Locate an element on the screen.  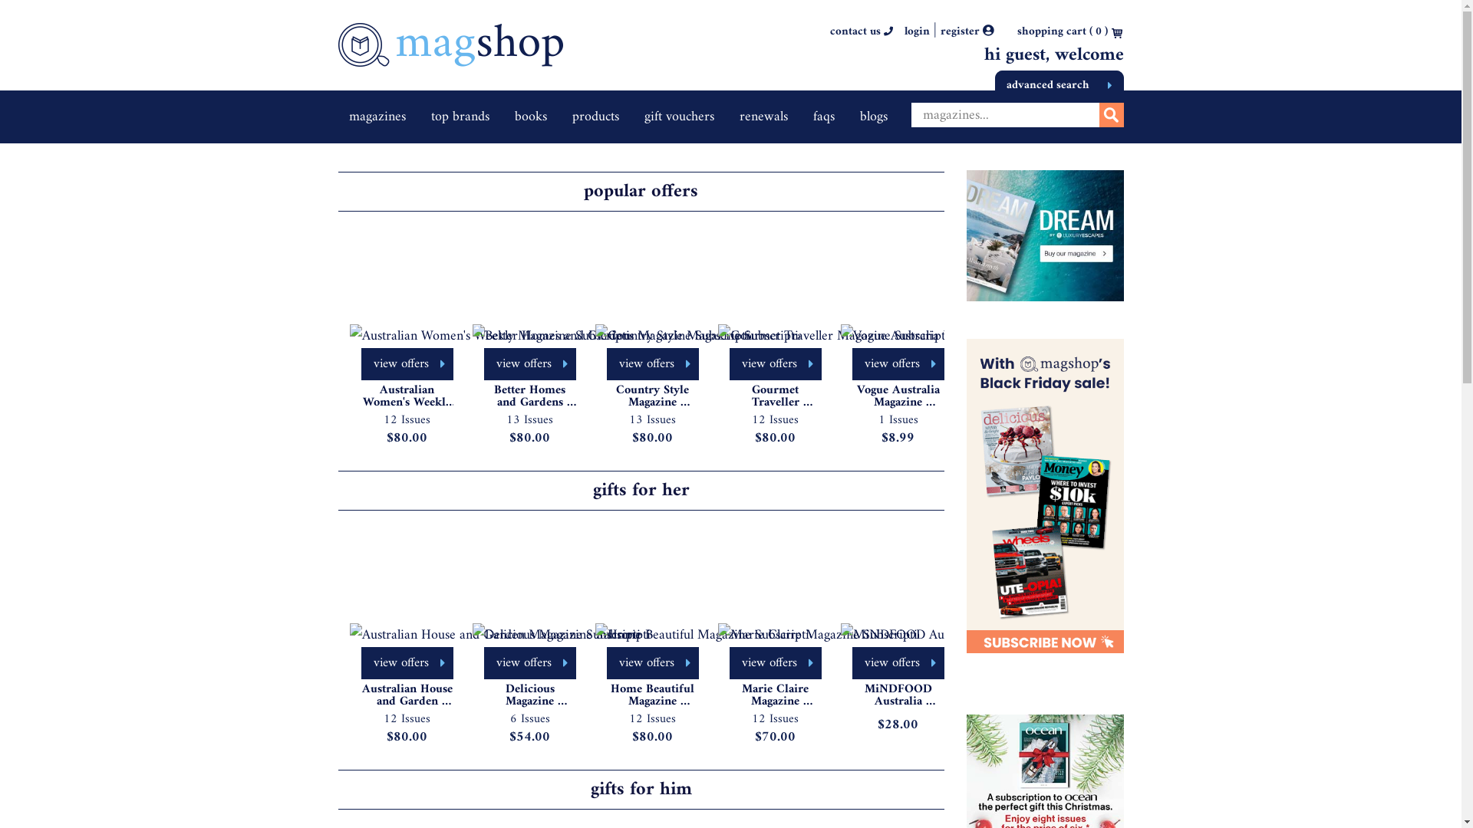
'blogs' is located at coordinates (872, 116).